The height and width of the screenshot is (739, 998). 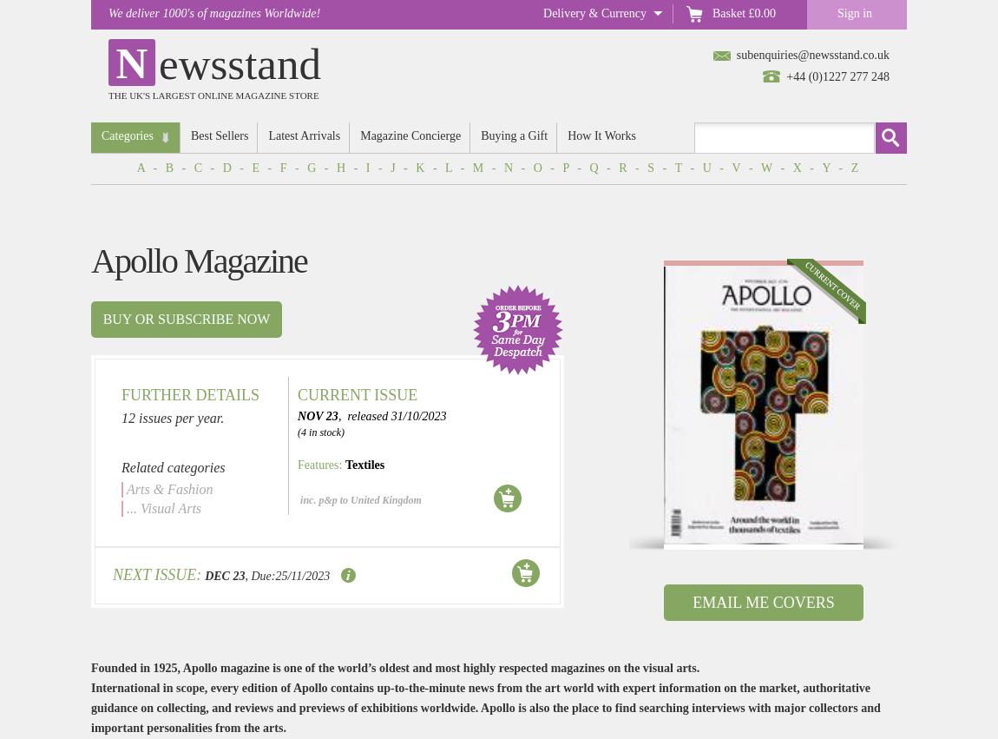 What do you see at coordinates (736, 167) in the screenshot?
I see `'V'` at bounding box center [736, 167].